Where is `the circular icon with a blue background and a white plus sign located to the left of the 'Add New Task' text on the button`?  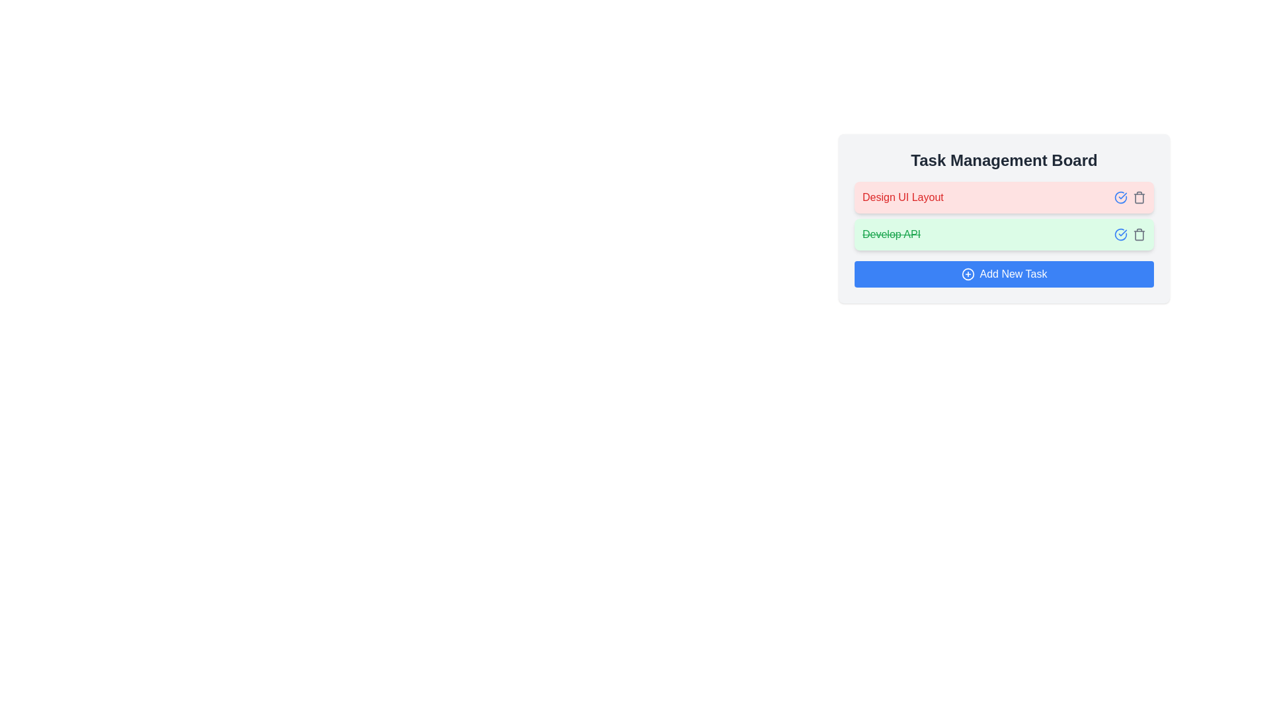 the circular icon with a blue background and a white plus sign located to the left of the 'Add New Task' text on the button is located at coordinates (968, 274).